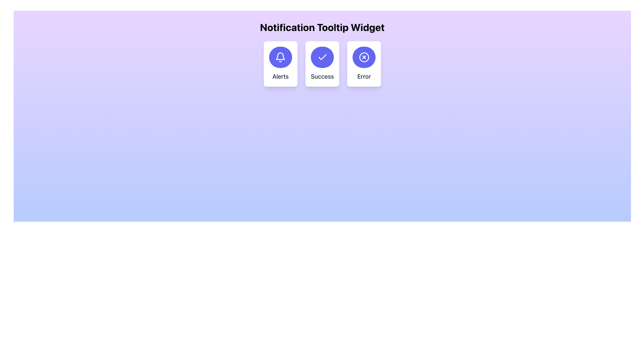 The width and height of the screenshot is (641, 360). I want to click on the success icon located in the center graphic of three icons below the heading 'Notification Tooltip Widget', which is above the text 'Success', so click(322, 57).